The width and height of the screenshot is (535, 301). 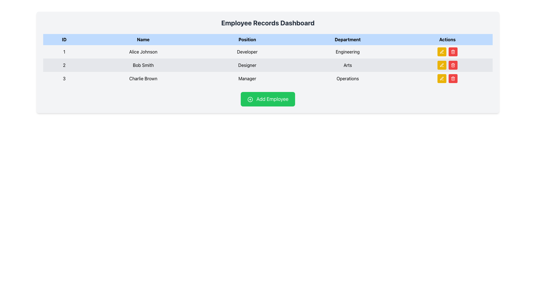 What do you see at coordinates (250, 99) in the screenshot?
I see `the small circular icon with a plus sign located to the left of the 'Add Employee' button's text, which is within the green button at the bottom of the interface` at bounding box center [250, 99].